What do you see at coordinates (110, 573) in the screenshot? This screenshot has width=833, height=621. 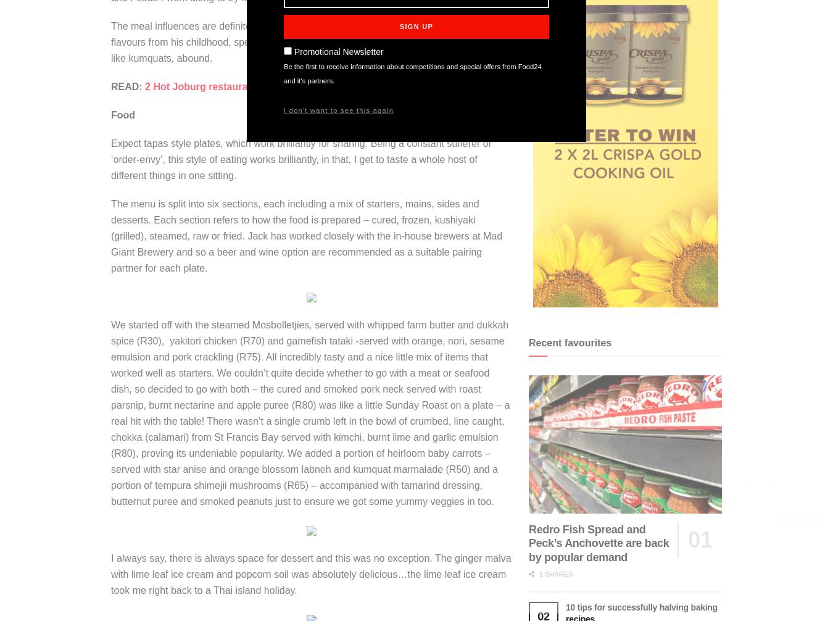 I see `'I always say, there is always space for dessert and this was no exception. The ginger malva with lime leaf ice cream and popcorn soil was absolutely delicious…the lime leaf ice cream took me right back to a Thai island holiday.'` at bounding box center [110, 573].